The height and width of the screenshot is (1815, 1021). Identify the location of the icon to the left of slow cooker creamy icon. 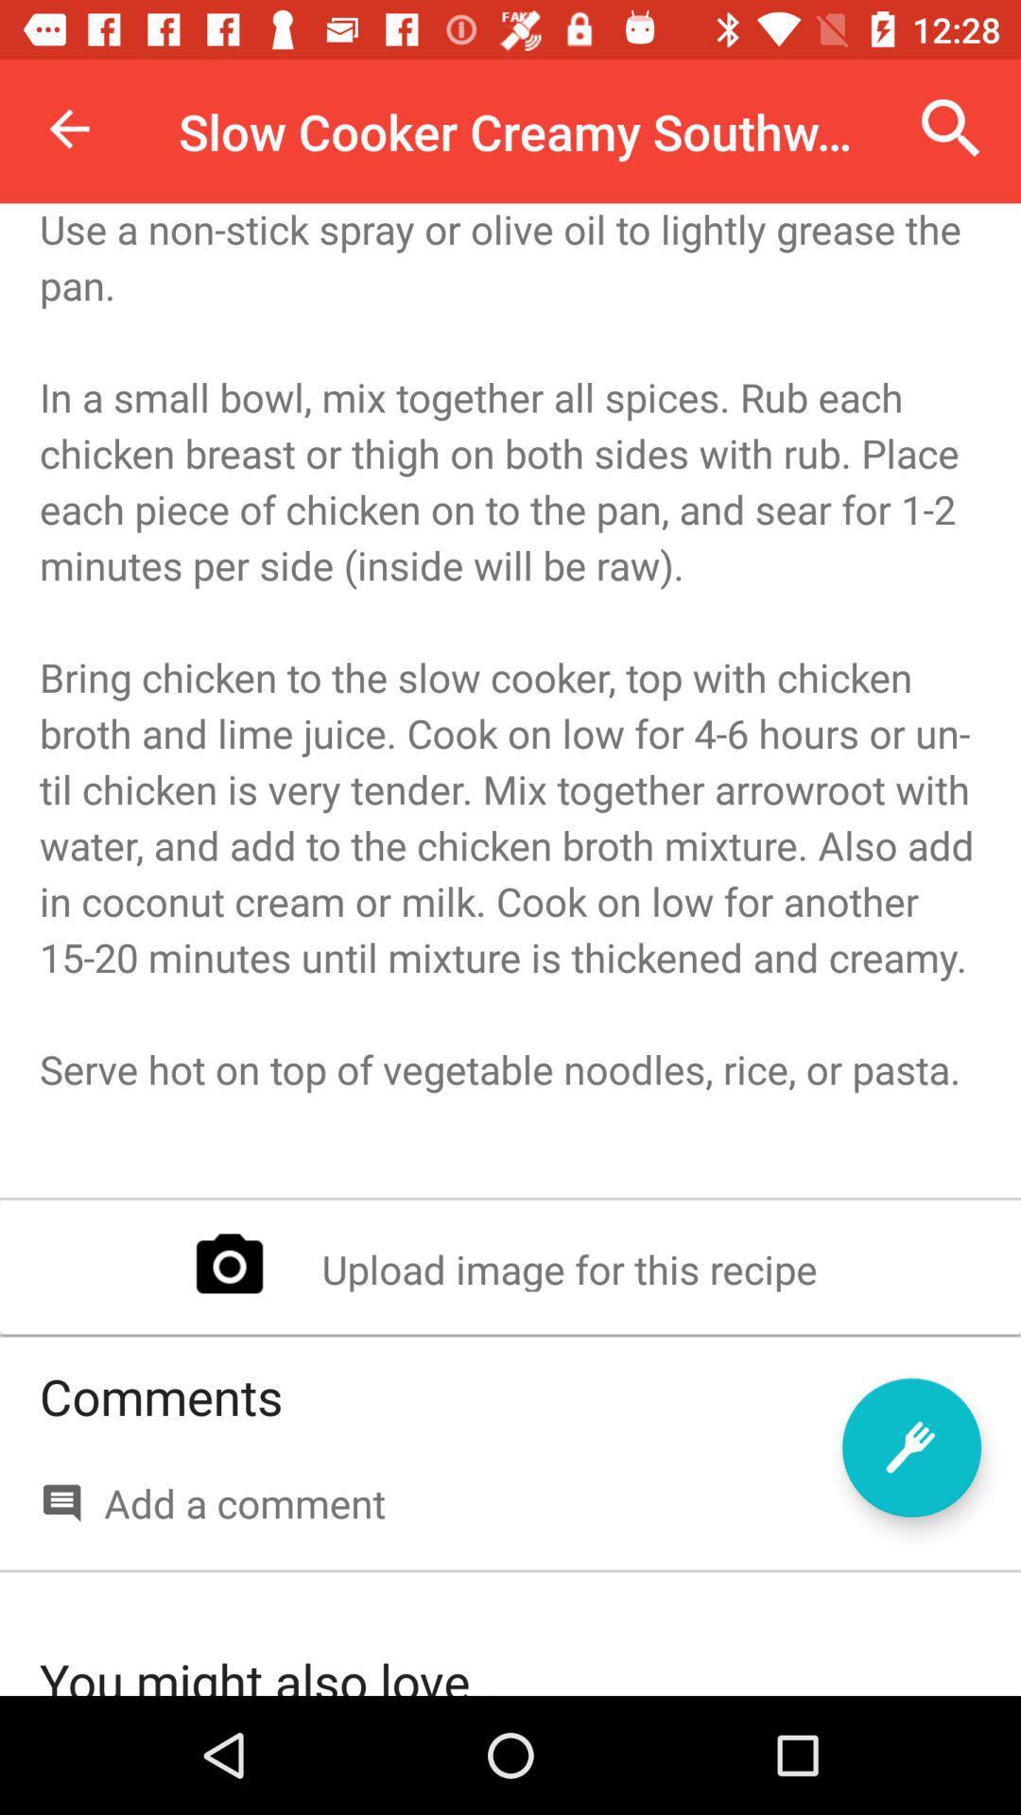
(68, 128).